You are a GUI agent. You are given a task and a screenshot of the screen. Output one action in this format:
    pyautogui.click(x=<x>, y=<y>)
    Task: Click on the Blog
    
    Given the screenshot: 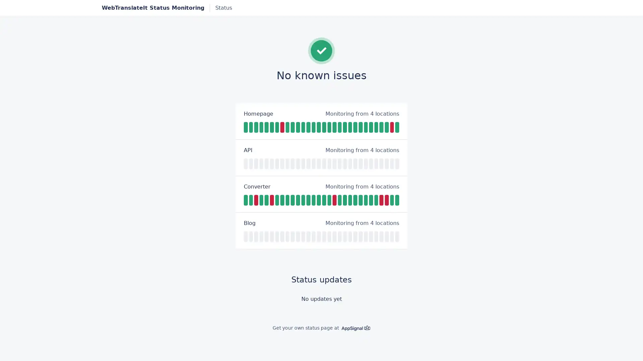 What is the action you would take?
    pyautogui.click(x=249, y=223)
    